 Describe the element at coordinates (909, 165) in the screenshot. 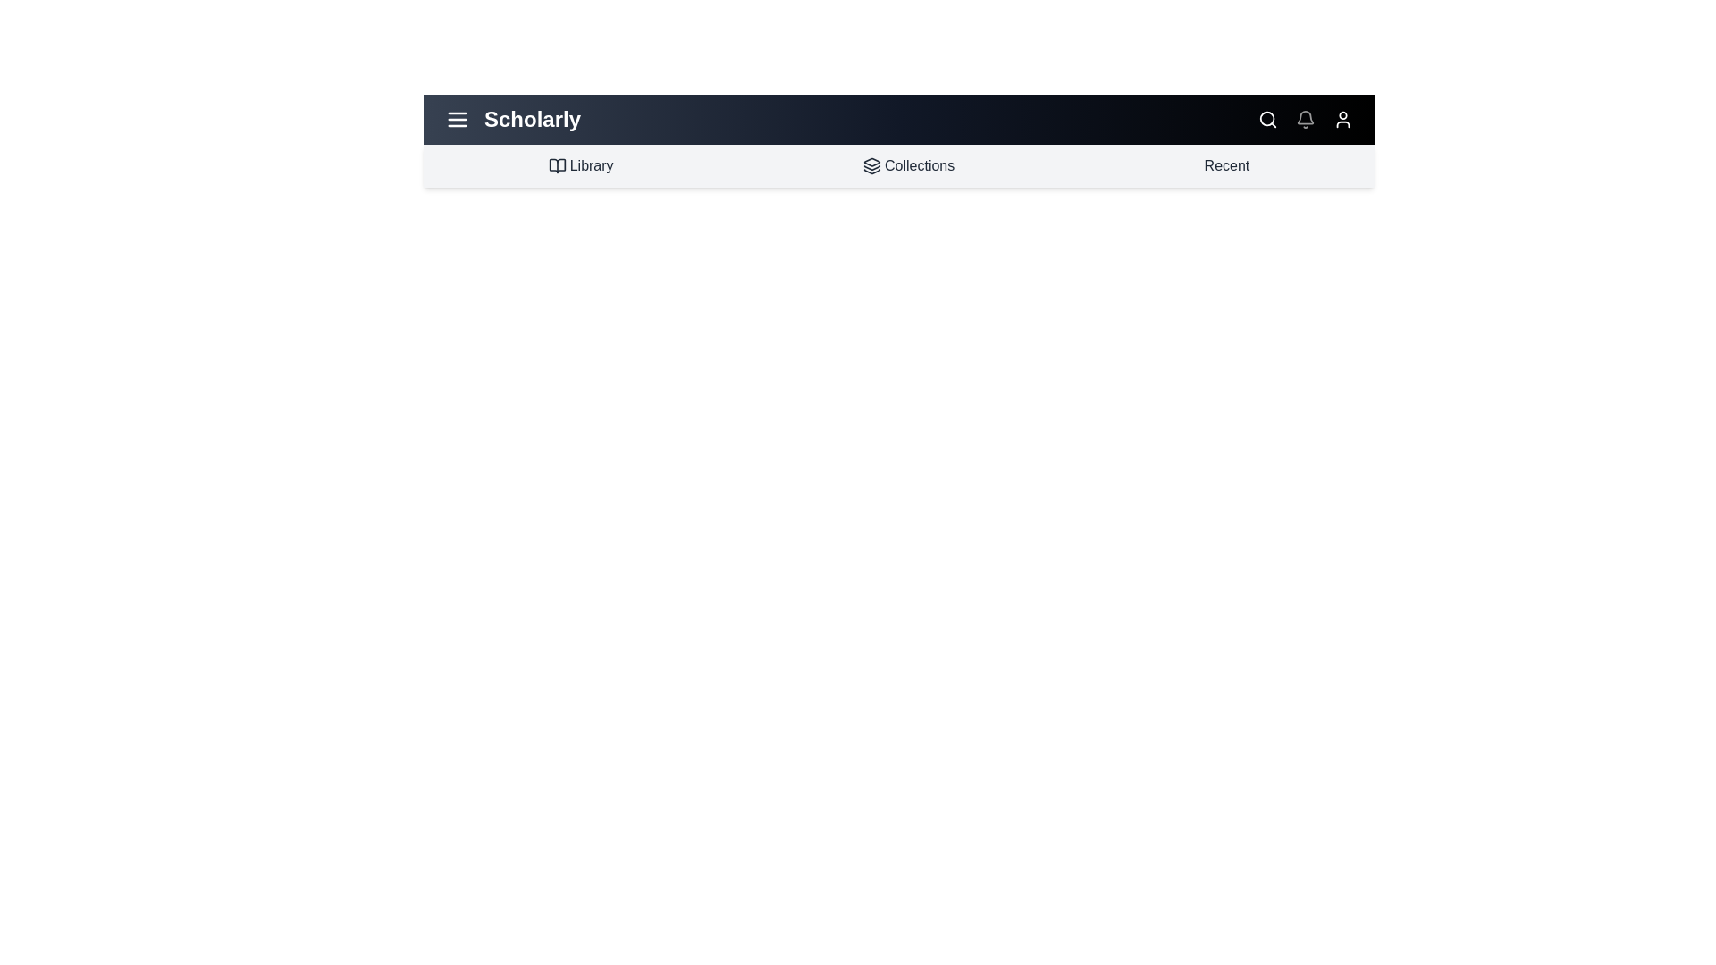

I see `the 'Collections' link in the navigation bar` at that location.